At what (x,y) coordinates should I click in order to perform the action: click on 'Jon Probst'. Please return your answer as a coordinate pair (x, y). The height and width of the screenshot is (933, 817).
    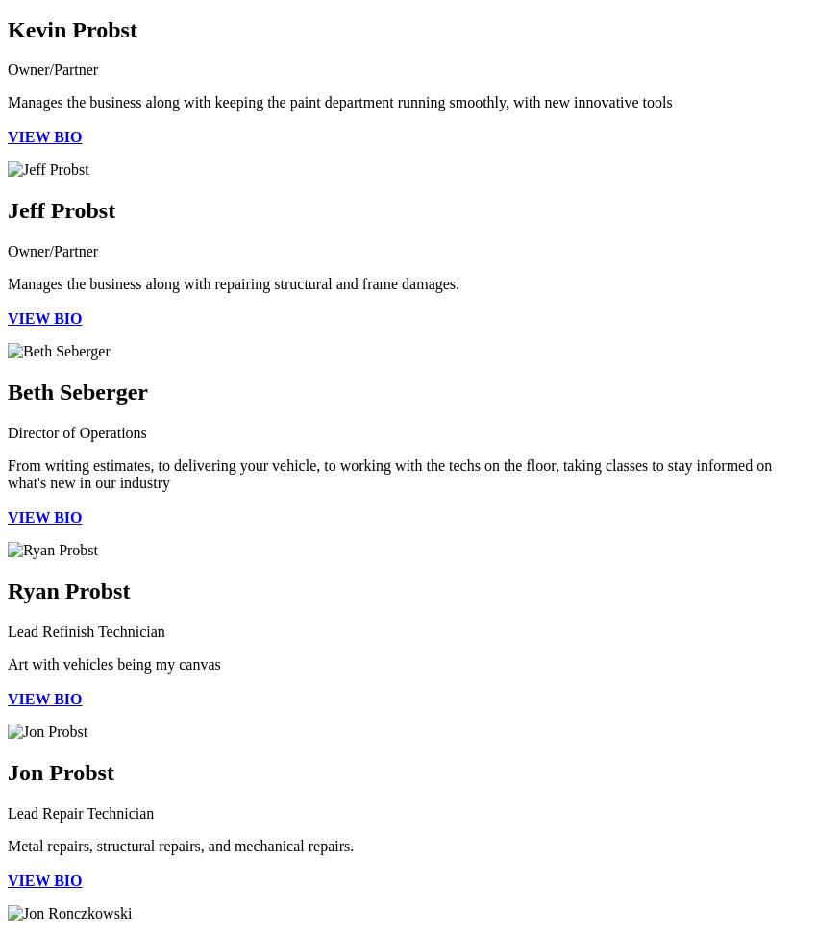
    Looking at the image, I should click on (6, 772).